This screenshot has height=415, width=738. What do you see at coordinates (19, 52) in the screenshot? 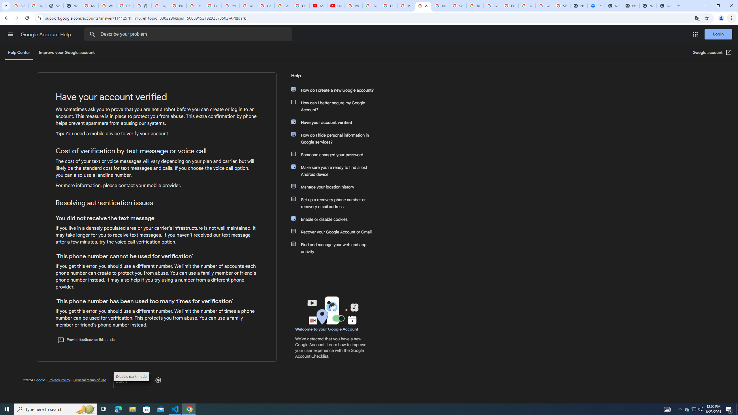
I see `'Help Center'` at bounding box center [19, 52].